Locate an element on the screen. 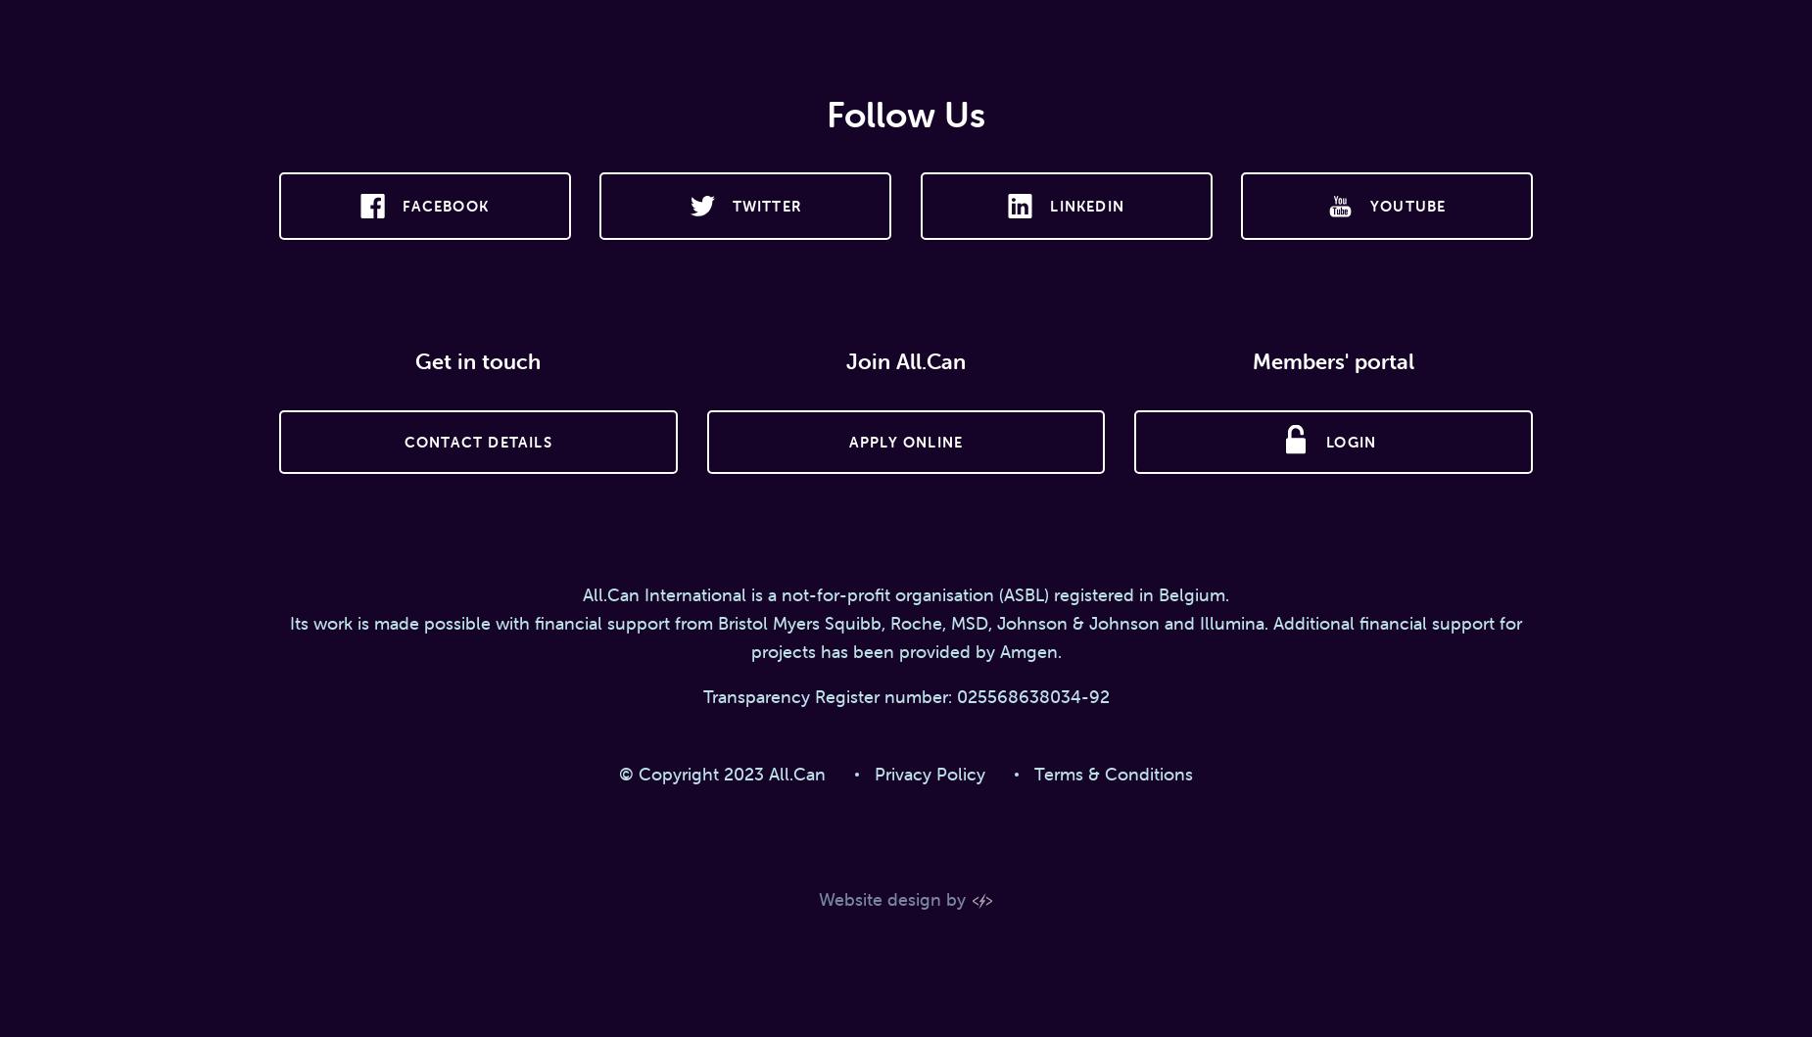 Image resolution: width=1812 pixels, height=1037 pixels. 'Members' portal' is located at coordinates (1332, 359).